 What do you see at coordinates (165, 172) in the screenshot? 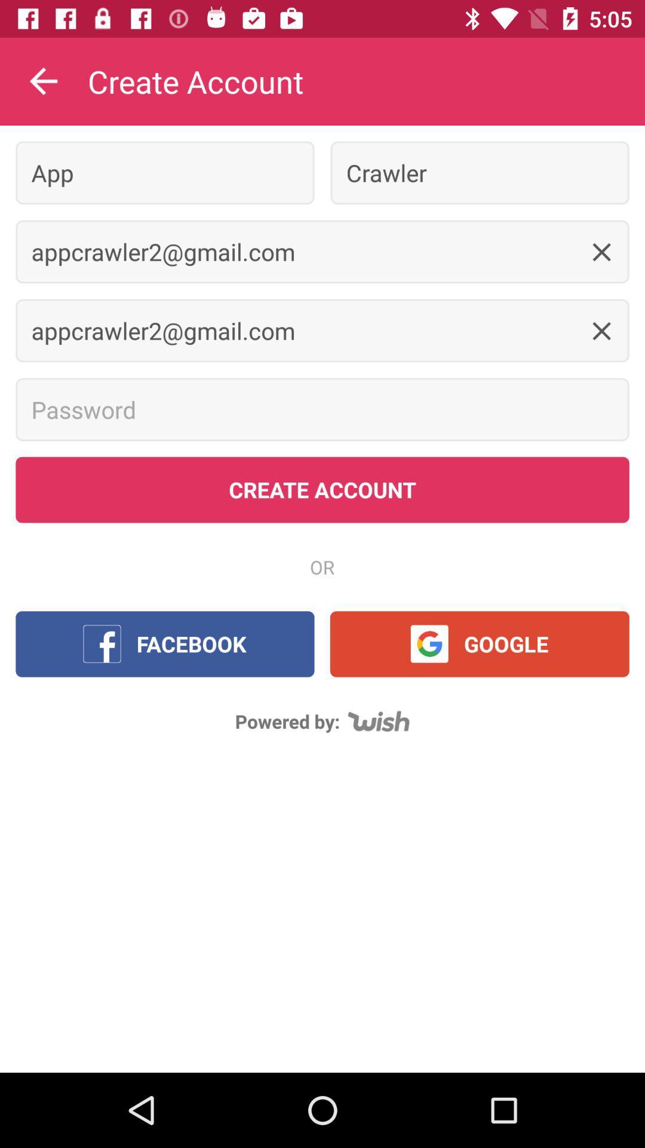
I see `icon next to crawler icon` at bounding box center [165, 172].